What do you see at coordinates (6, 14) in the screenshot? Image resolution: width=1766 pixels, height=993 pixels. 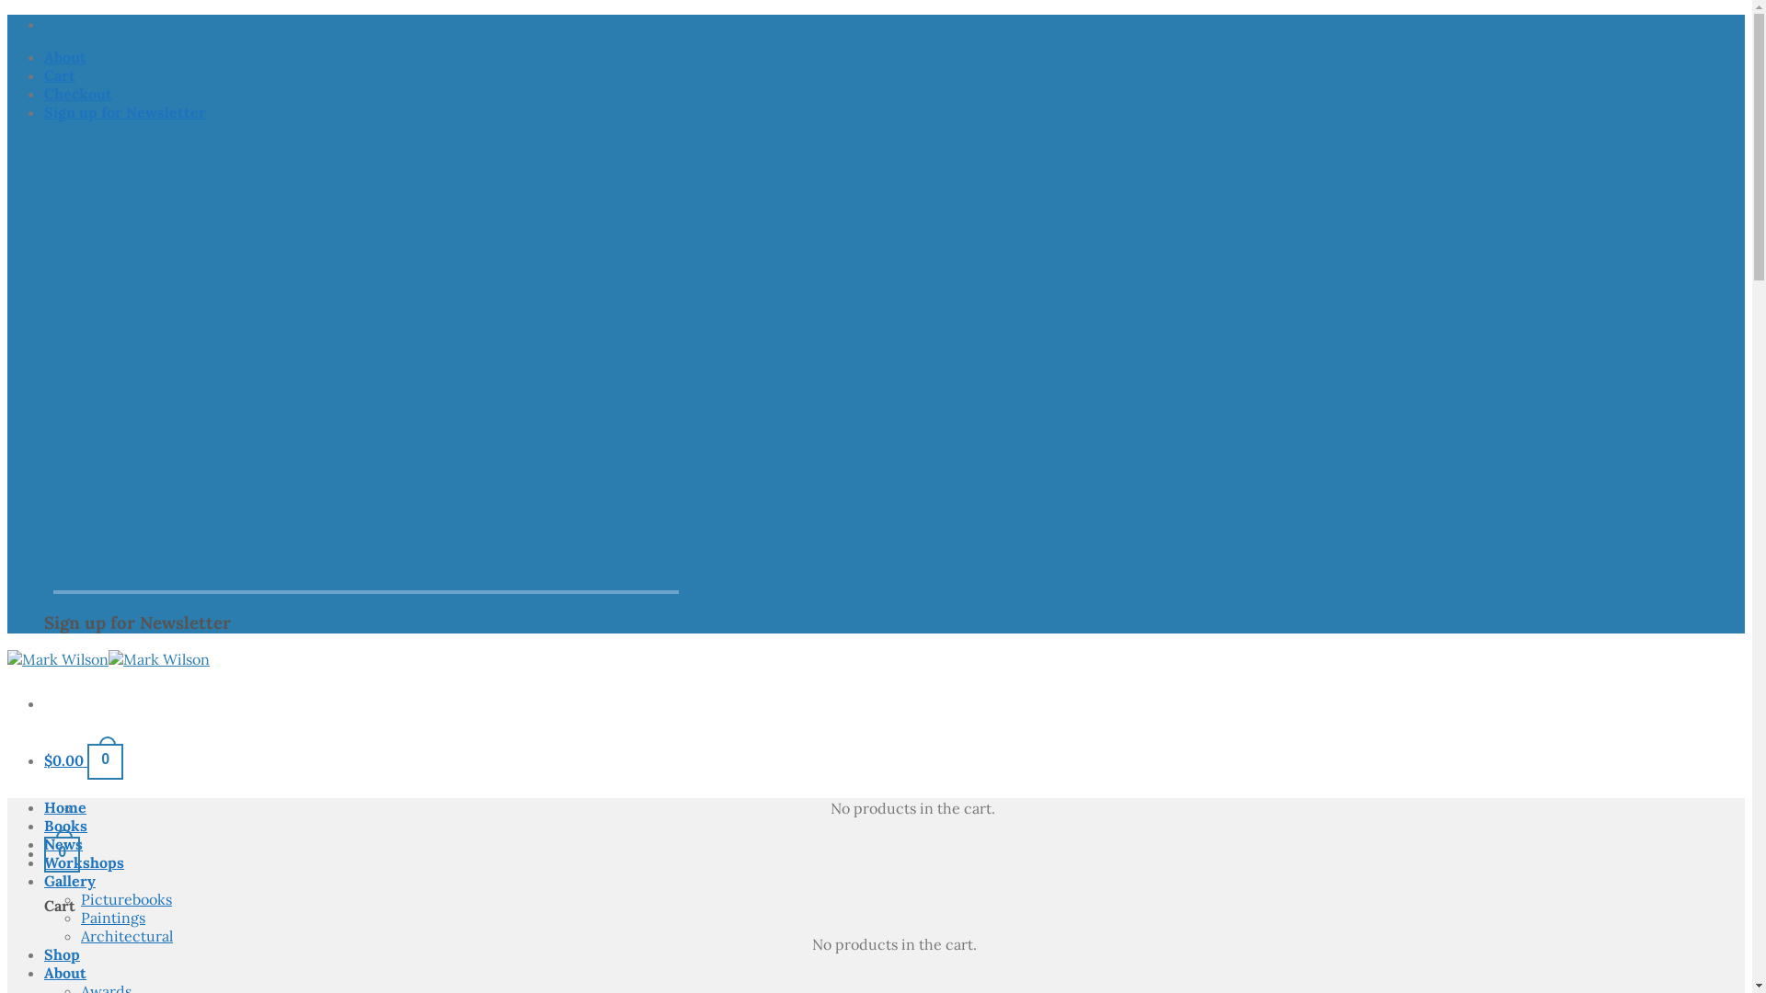 I see `'Skip to content'` at bounding box center [6, 14].